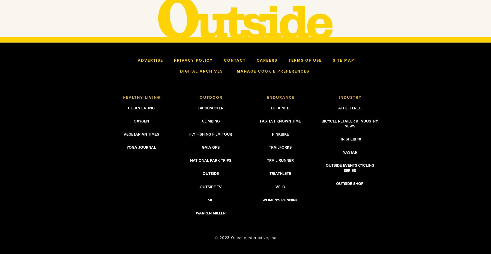 This screenshot has height=254, width=491. What do you see at coordinates (210, 108) in the screenshot?
I see `'Backpacker'` at bounding box center [210, 108].